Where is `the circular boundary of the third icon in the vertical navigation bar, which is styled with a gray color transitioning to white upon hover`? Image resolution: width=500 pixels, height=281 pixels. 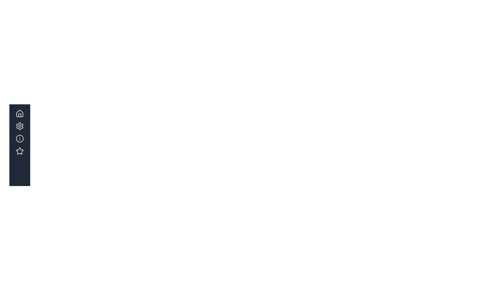 the circular boundary of the third icon in the vertical navigation bar, which is styled with a gray color transitioning to white upon hover is located at coordinates (20, 138).